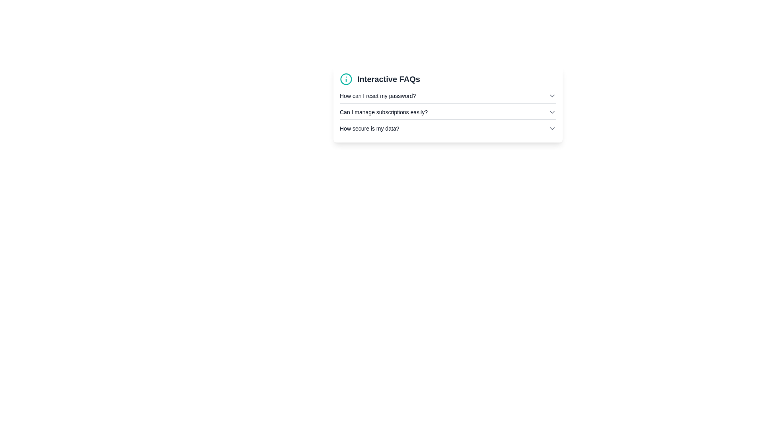 The height and width of the screenshot is (430, 764). Describe the element at coordinates (552, 128) in the screenshot. I see `the downward-pointing chevron icon next to the text 'How secure is my data?'` at that location.